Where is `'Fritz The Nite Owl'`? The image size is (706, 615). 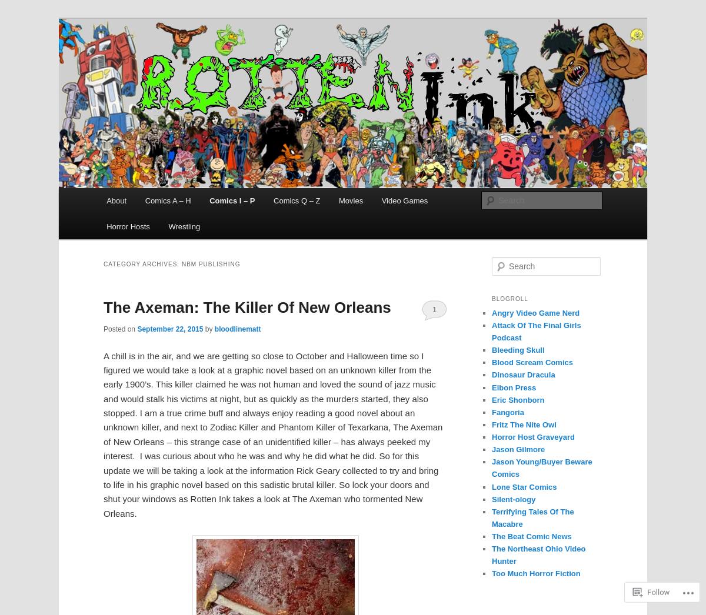
'Fritz The Nite Owl' is located at coordinates (491, 424).